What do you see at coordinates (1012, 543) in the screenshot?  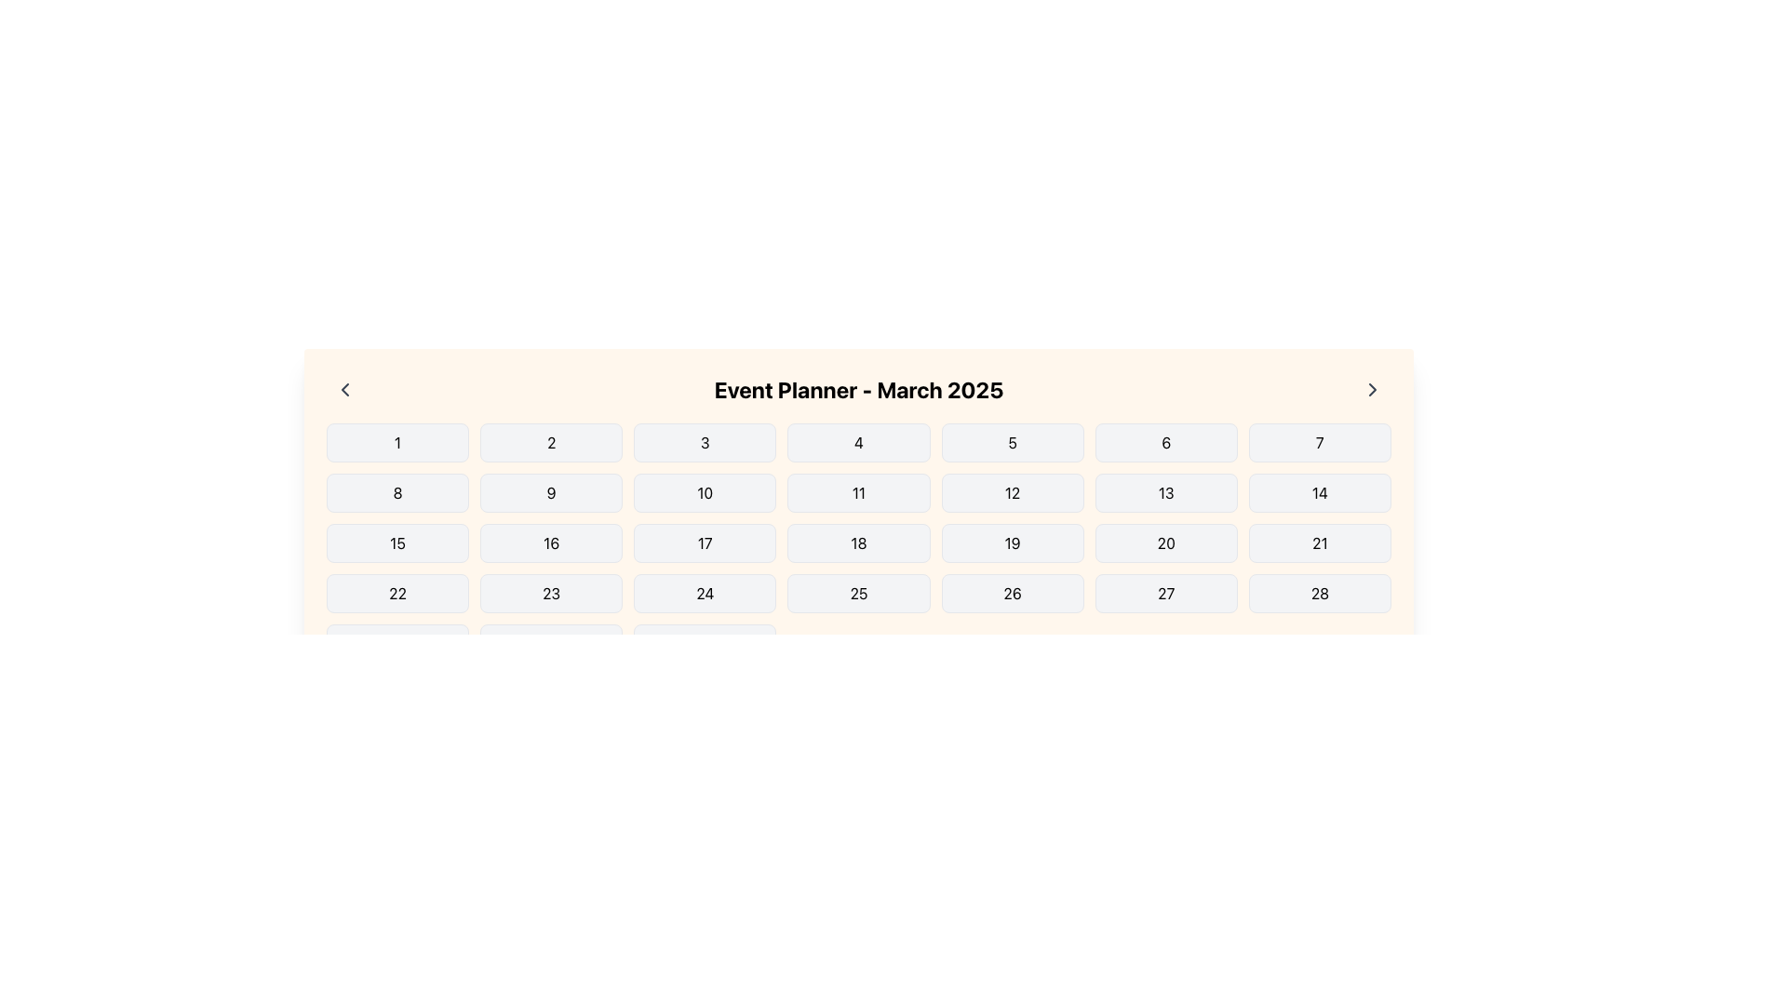 I see `the number '19' in the calendar grid of the 'Event Planner - March 2025'` at bounding box center [1012, 543].